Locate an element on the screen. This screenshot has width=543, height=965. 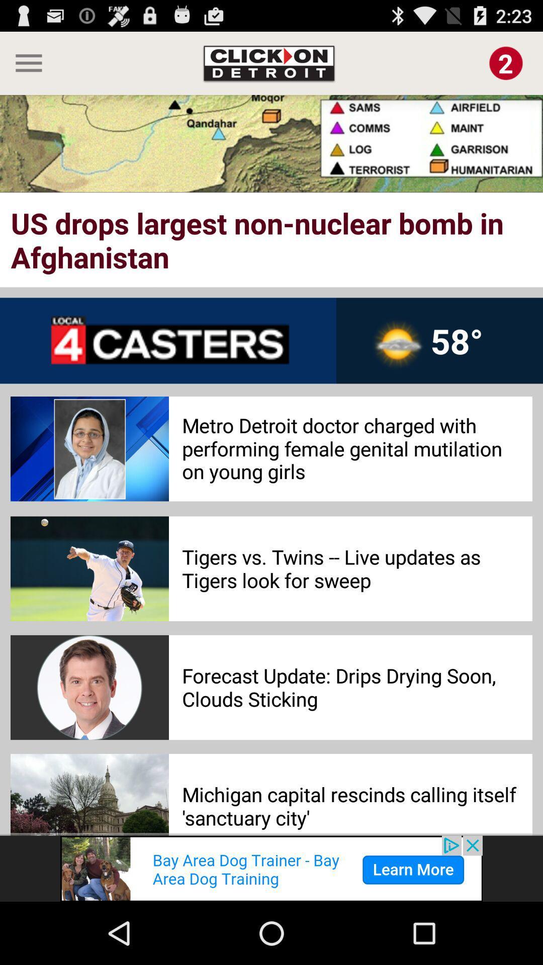
the text beside the 58 degrees is located at coordinates (167, 341).